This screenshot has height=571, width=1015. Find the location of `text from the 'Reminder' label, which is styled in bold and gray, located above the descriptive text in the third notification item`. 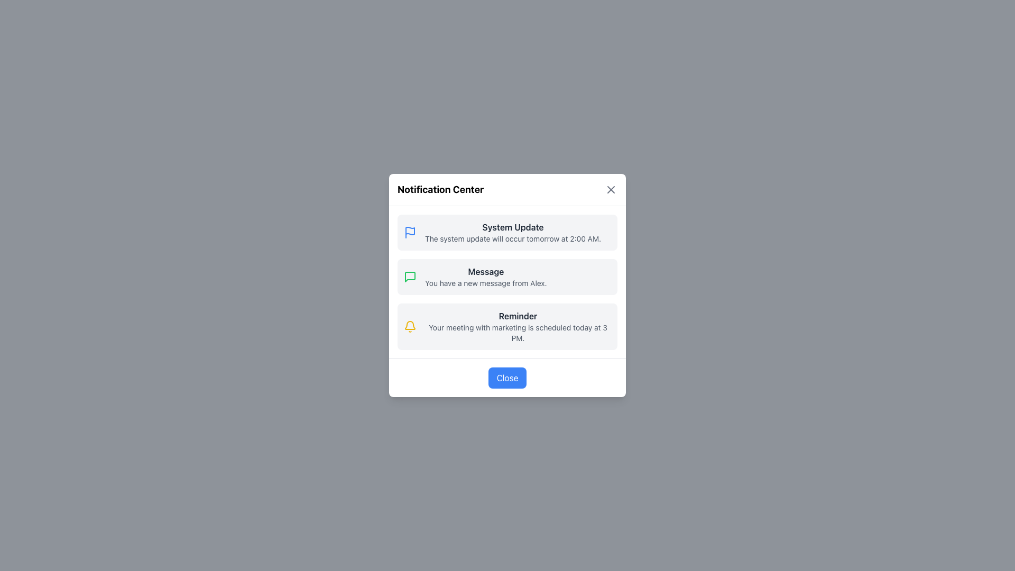

text from the 'Reminder' label, which is styled in bold and gray, located above the descriptive text in the third notification item is located at coordinates (518, 315).